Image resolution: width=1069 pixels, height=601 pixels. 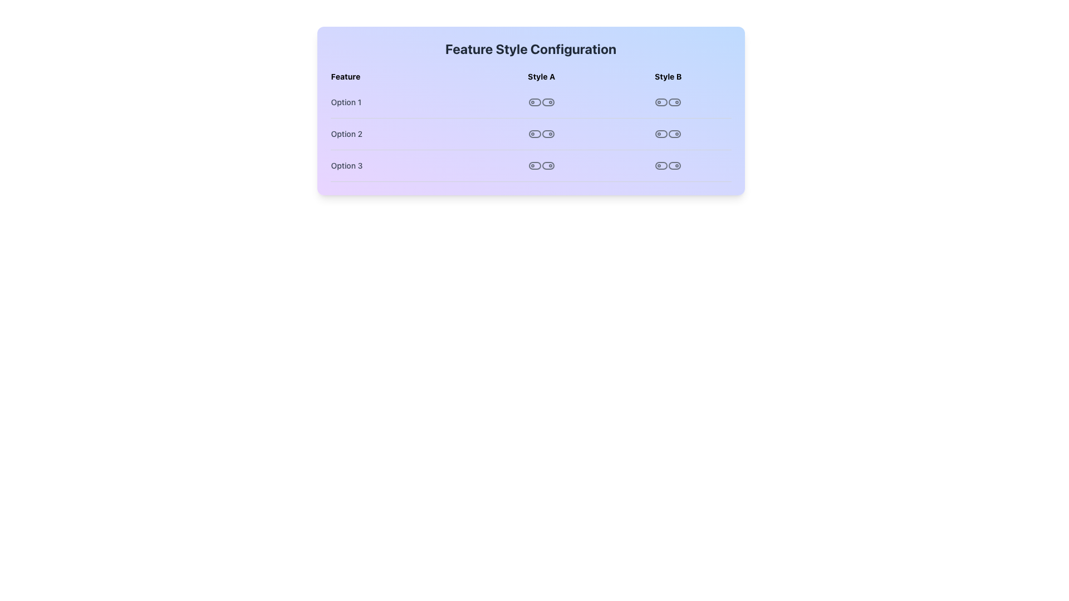 I want to click on the toggle switch represented by an oval shape with a smaller filled circle inside, located in the third row under 'Style B' column, so click(x=674, y=165).